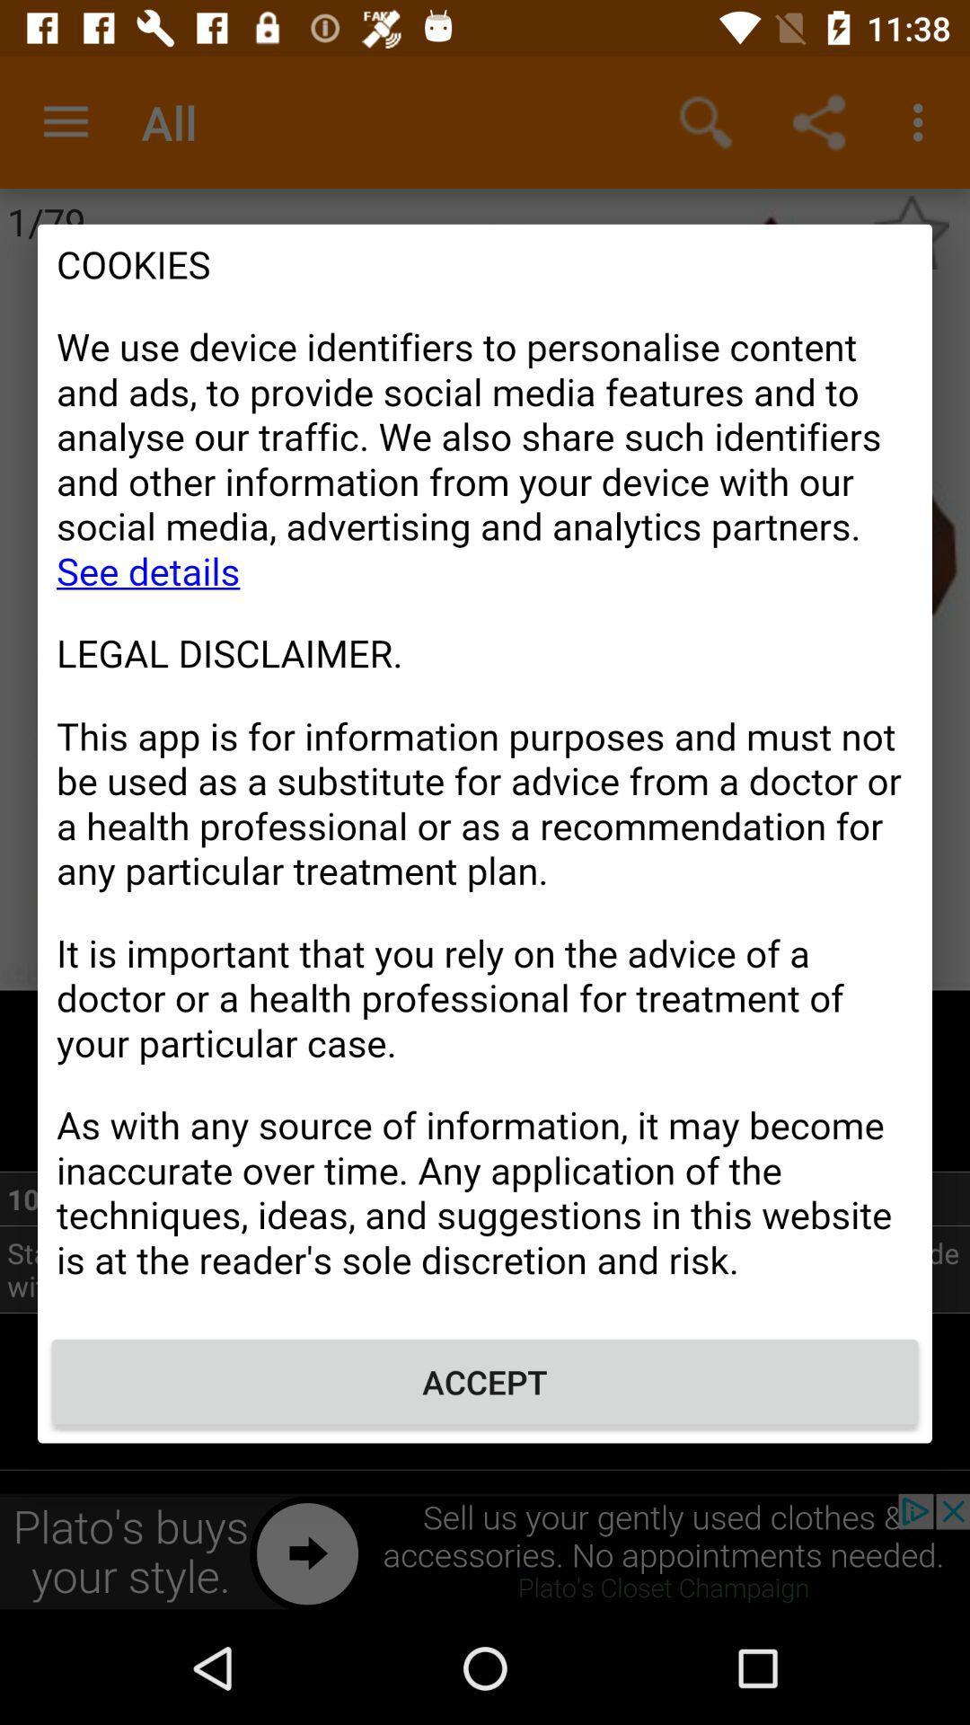  I want to click on disclaimer page, so click(485, 772).